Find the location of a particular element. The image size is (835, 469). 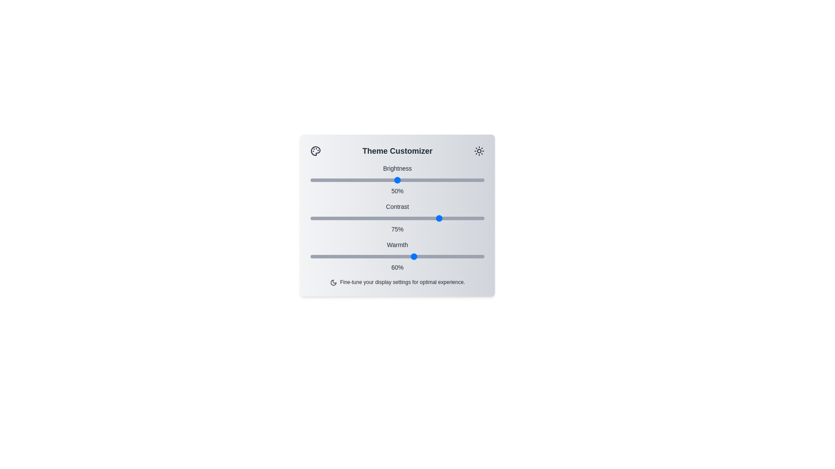

the warmth slider to 48% by clicking or dragging is located at coordinates (394, 256).